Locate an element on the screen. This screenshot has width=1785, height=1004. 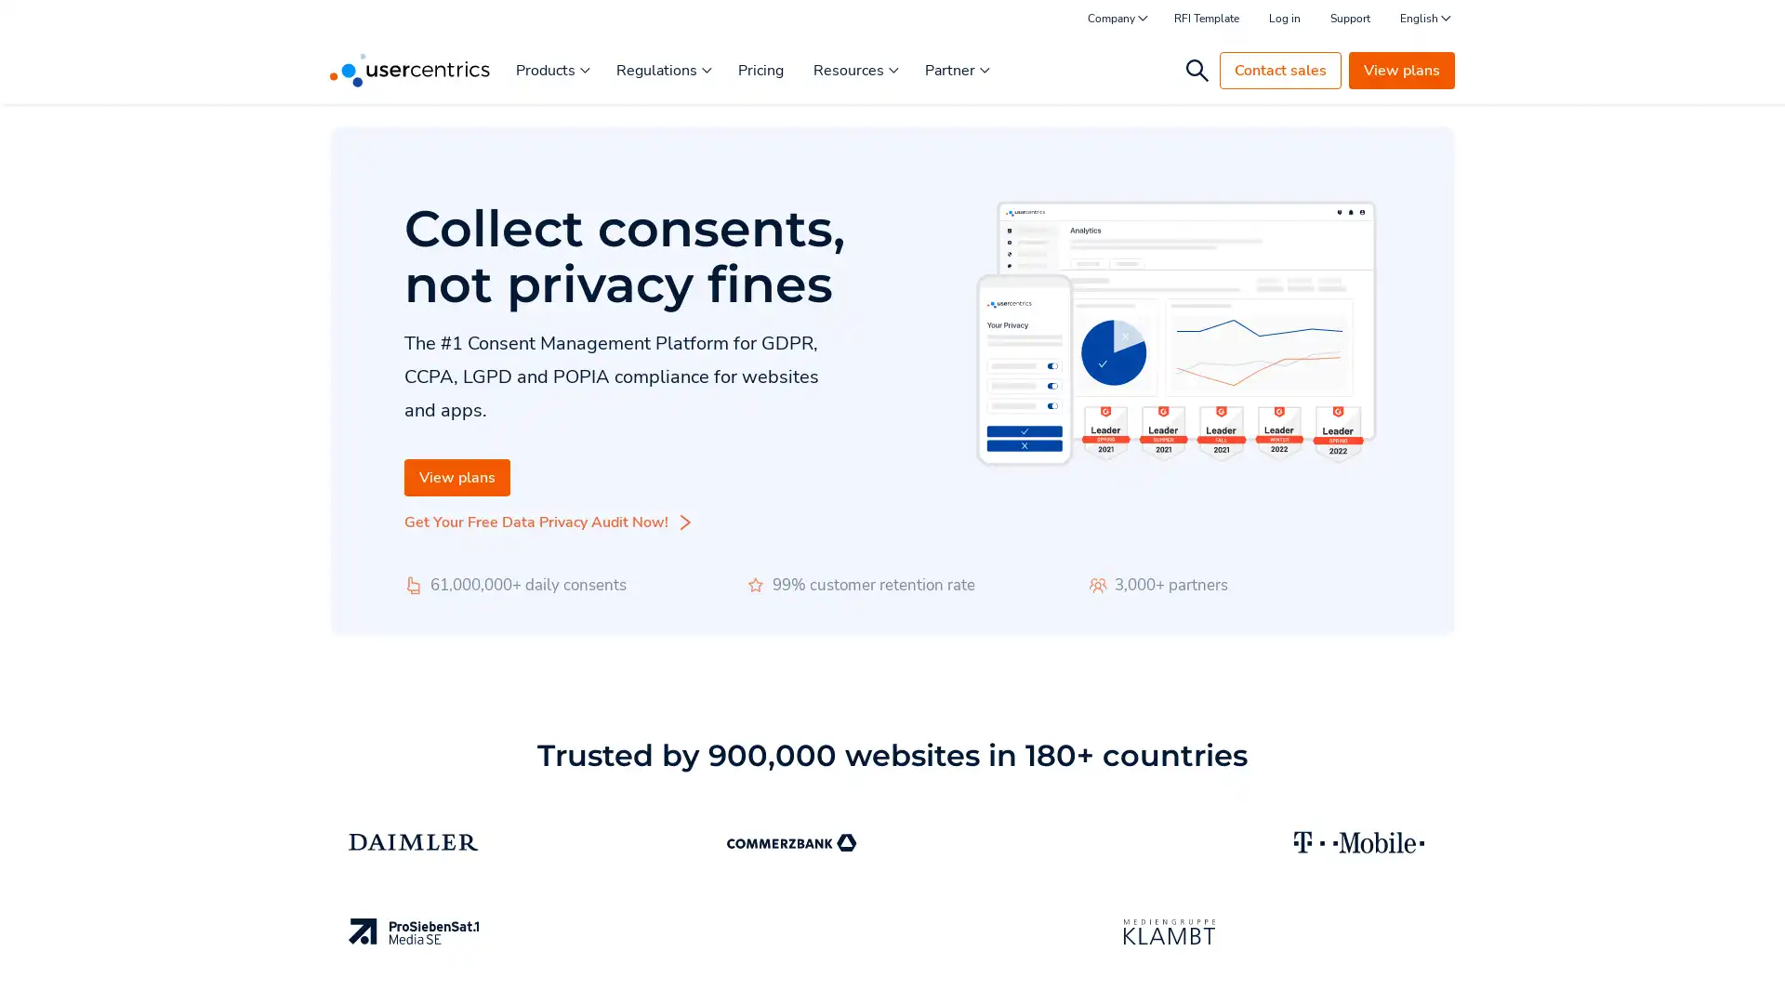
OK, Agree to CCPA is located at coordinates (1376, 962).